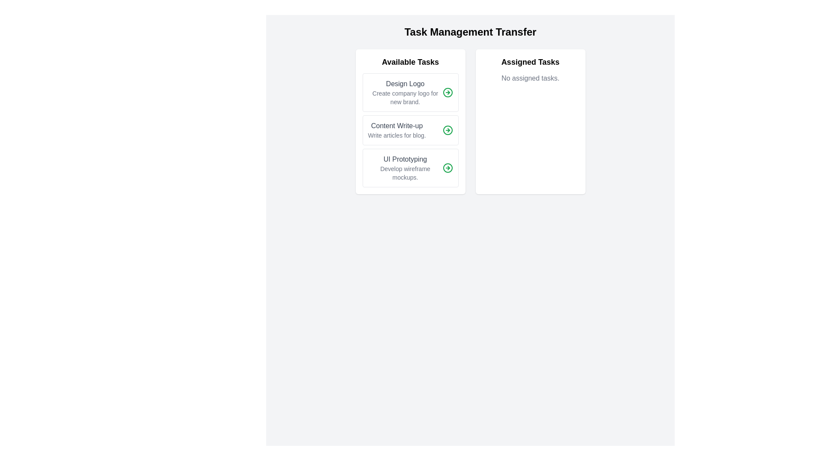 This screenshot has height=463, width=823. I want to click on the 'Content Write-up' text block element, so click(396, 130).